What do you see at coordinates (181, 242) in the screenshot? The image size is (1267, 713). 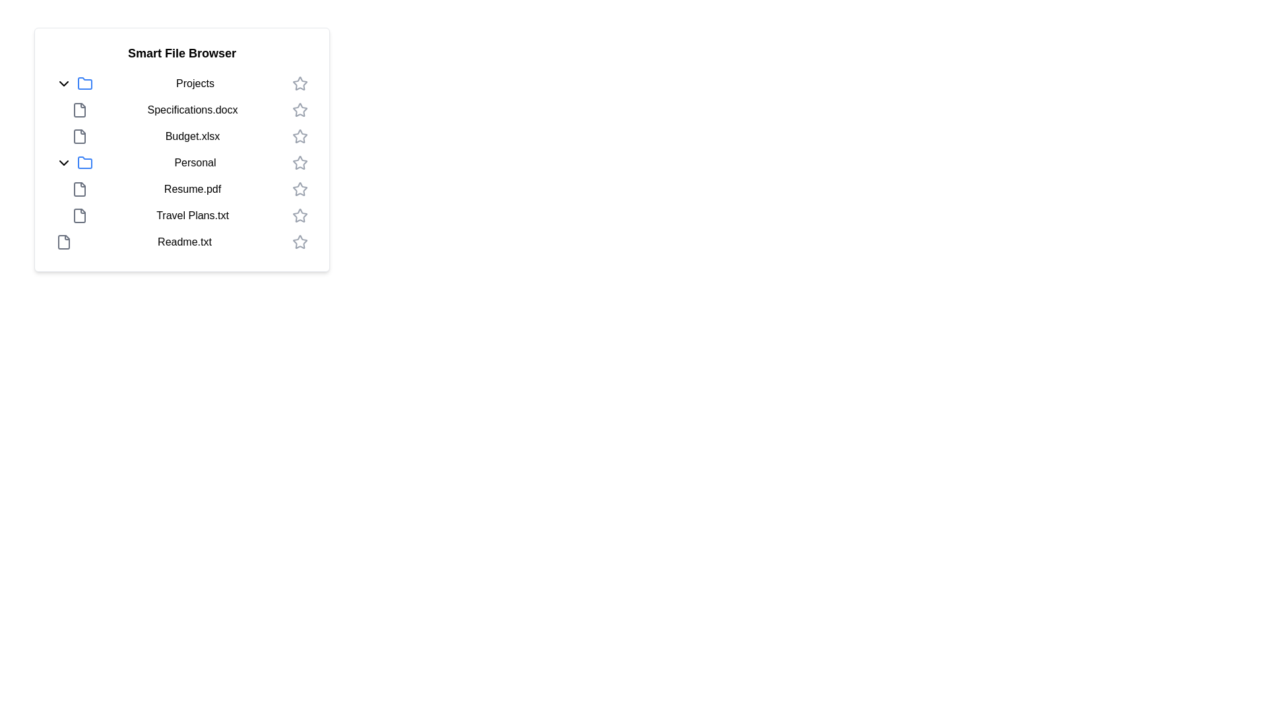 I see `the text label 'Readme.txt' in the file browser list` at bounding box center [181, 242].